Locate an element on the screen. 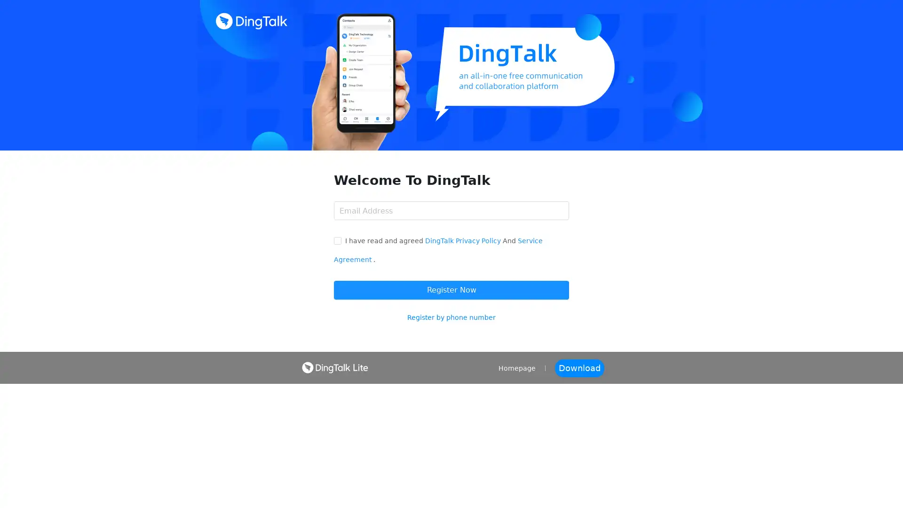 The width and height of the screenshot is (903, 508). Register Now is located at coordinates (451, 290).